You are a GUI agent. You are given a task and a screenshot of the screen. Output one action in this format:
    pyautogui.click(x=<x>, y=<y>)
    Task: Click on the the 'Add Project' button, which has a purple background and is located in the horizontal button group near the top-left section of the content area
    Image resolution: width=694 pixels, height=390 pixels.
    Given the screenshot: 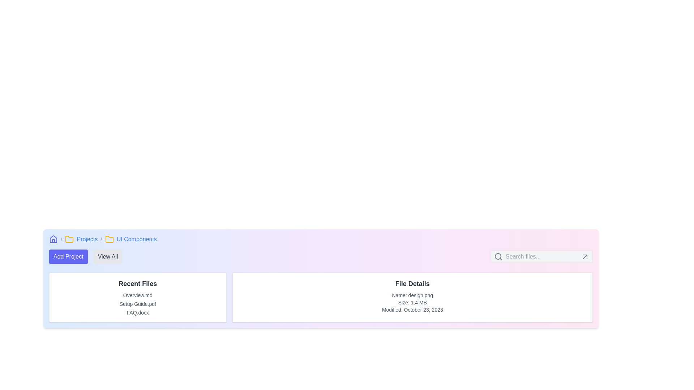 What is the action you would take?
    pyautogui.click(x=86, y=256)
    